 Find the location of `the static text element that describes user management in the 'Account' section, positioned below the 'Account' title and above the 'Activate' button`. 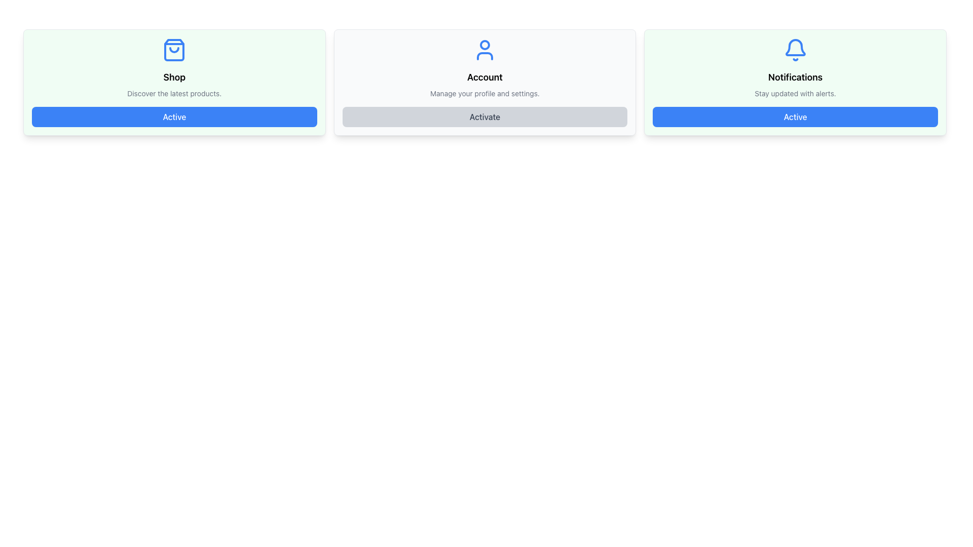

the static text element that describes user management in the 'Account' section, positioned below the 'Account' title and above the 'Activate' button is located at coordinates (484, 94).